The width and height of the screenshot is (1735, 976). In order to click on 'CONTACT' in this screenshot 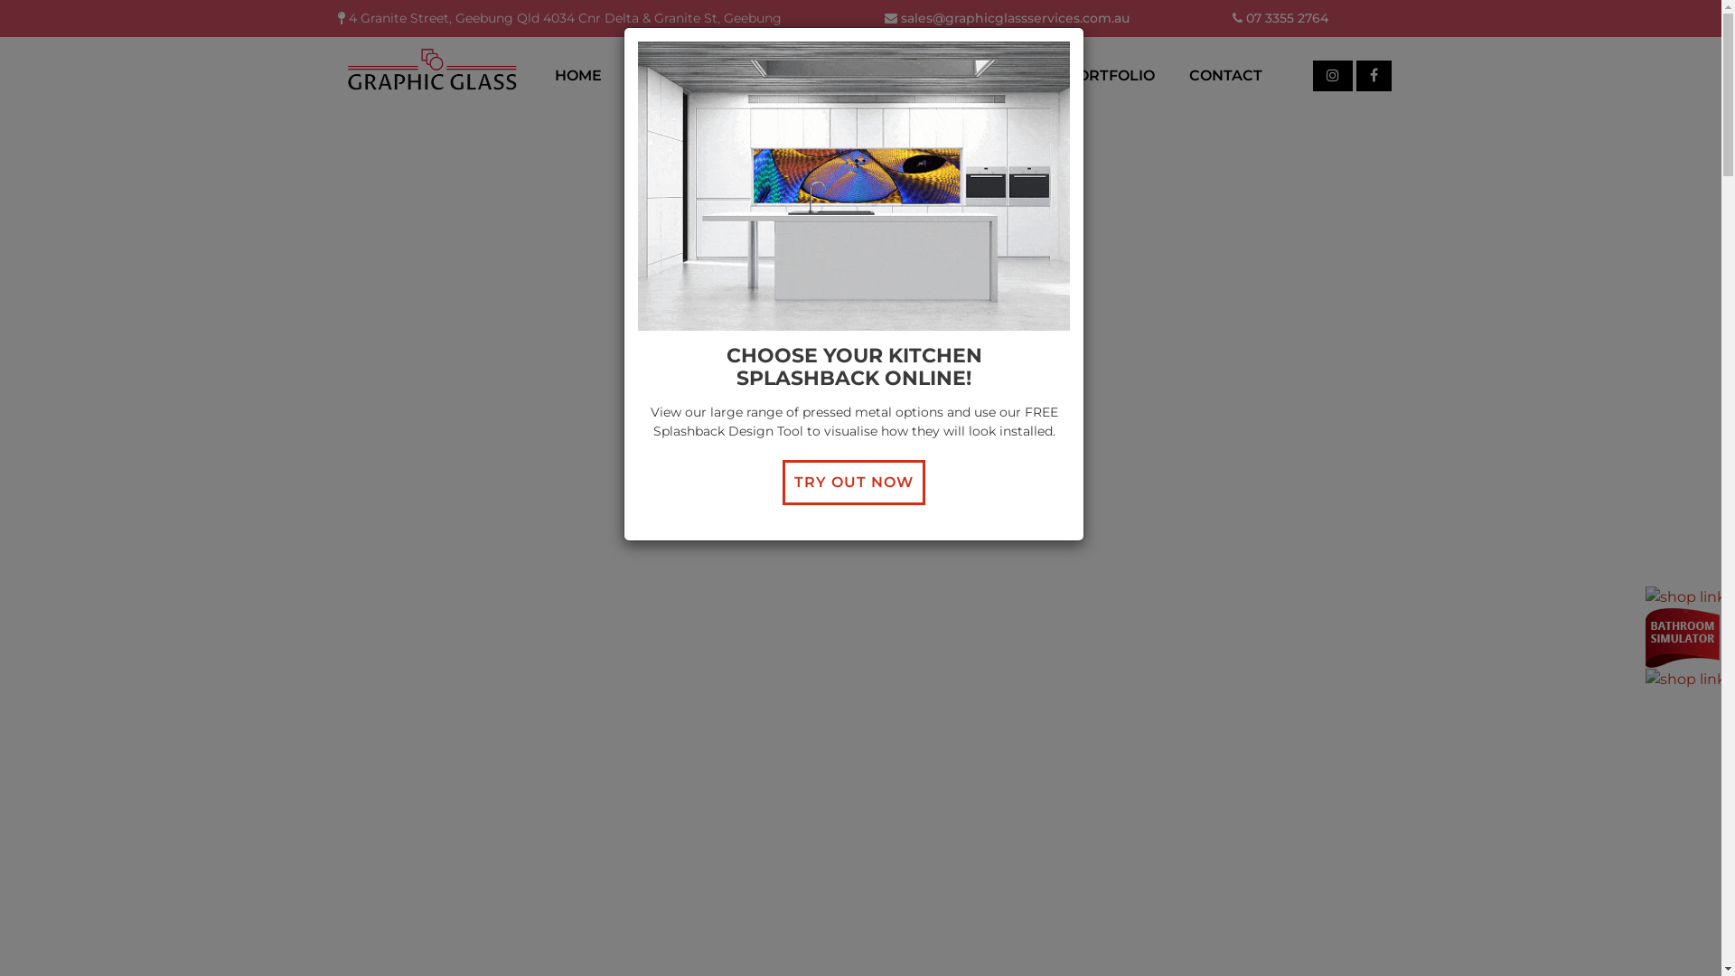, I will do `click(1225, 74)`.